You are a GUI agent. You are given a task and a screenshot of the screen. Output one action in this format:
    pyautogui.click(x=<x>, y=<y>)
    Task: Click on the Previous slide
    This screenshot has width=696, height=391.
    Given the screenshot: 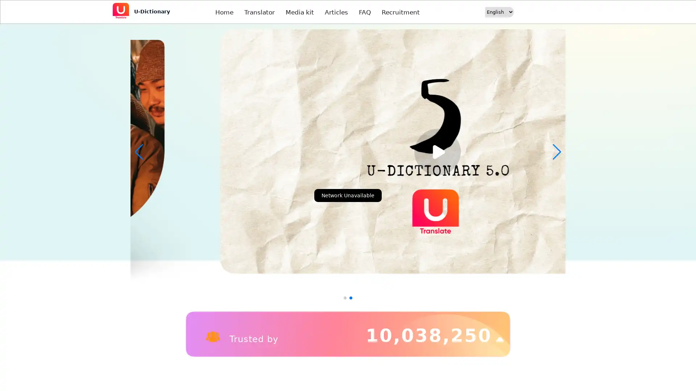 What is the action you would take?
    pyautogui.click(x=139, y=152)
    